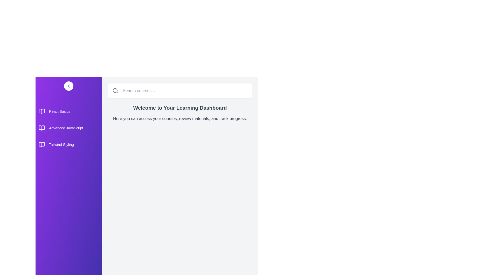 Image resolution: width=498 pixels, height=280 pixels. Describe the element at coordinates (68, 128) in the screenshot. I see `the course titled Advanced JavaScript from the list` at that location.